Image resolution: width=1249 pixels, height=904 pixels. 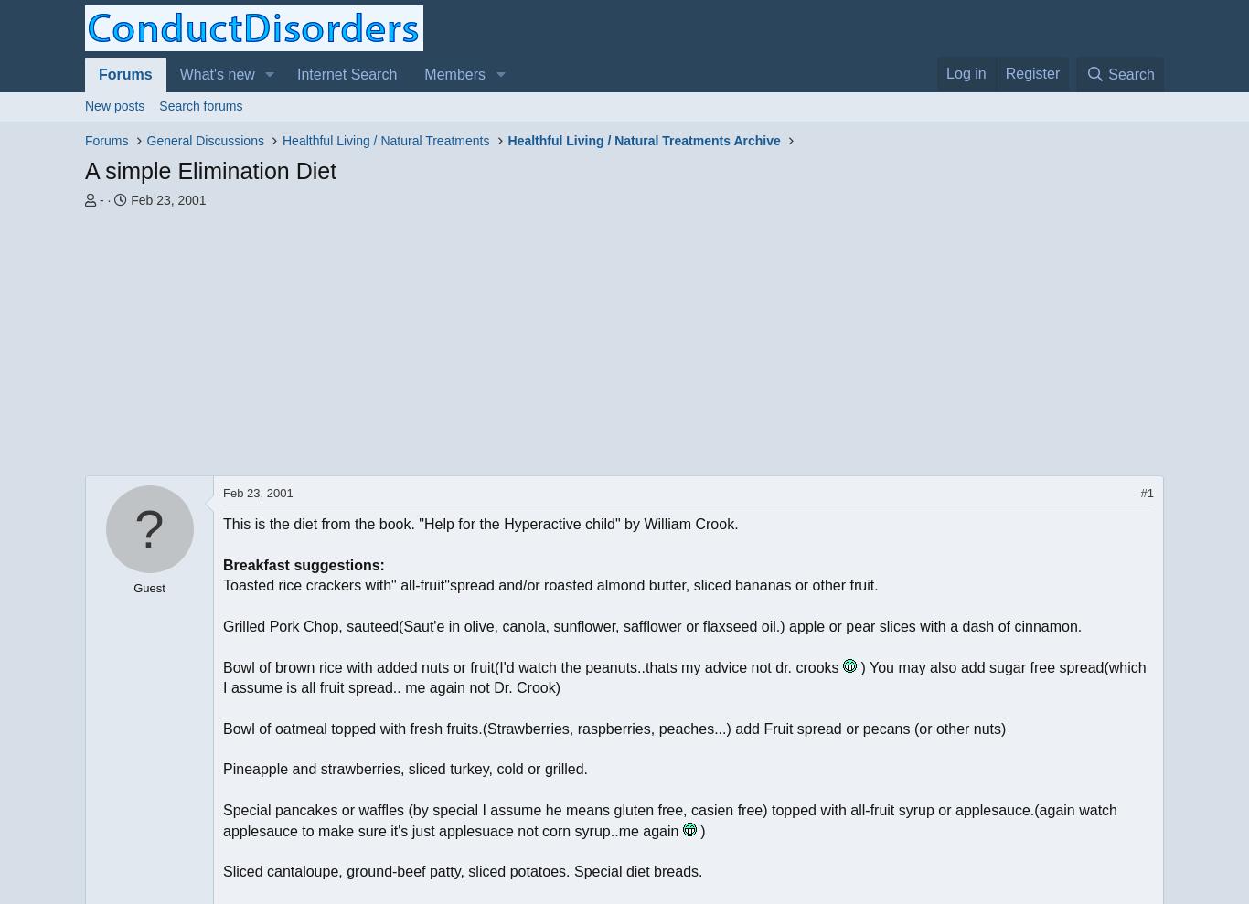 I want to click on 'Grilled Pork Chop, sauteed(Saut'e in olive, canola, sunflower, safflower or flaxseed oil.) apple or pear slices with a dash of cinnamon.', so click(x=652, y=624).